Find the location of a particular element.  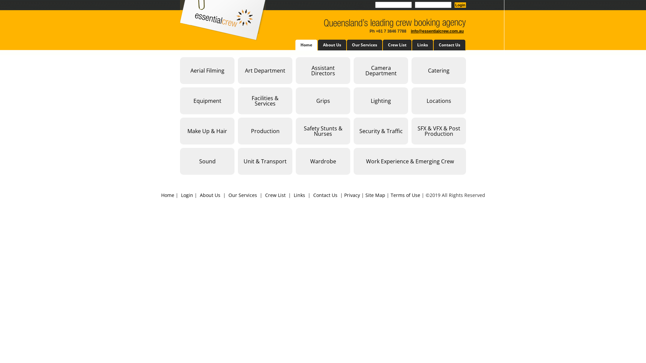

'About Us' is located at coordinates (210, 195).